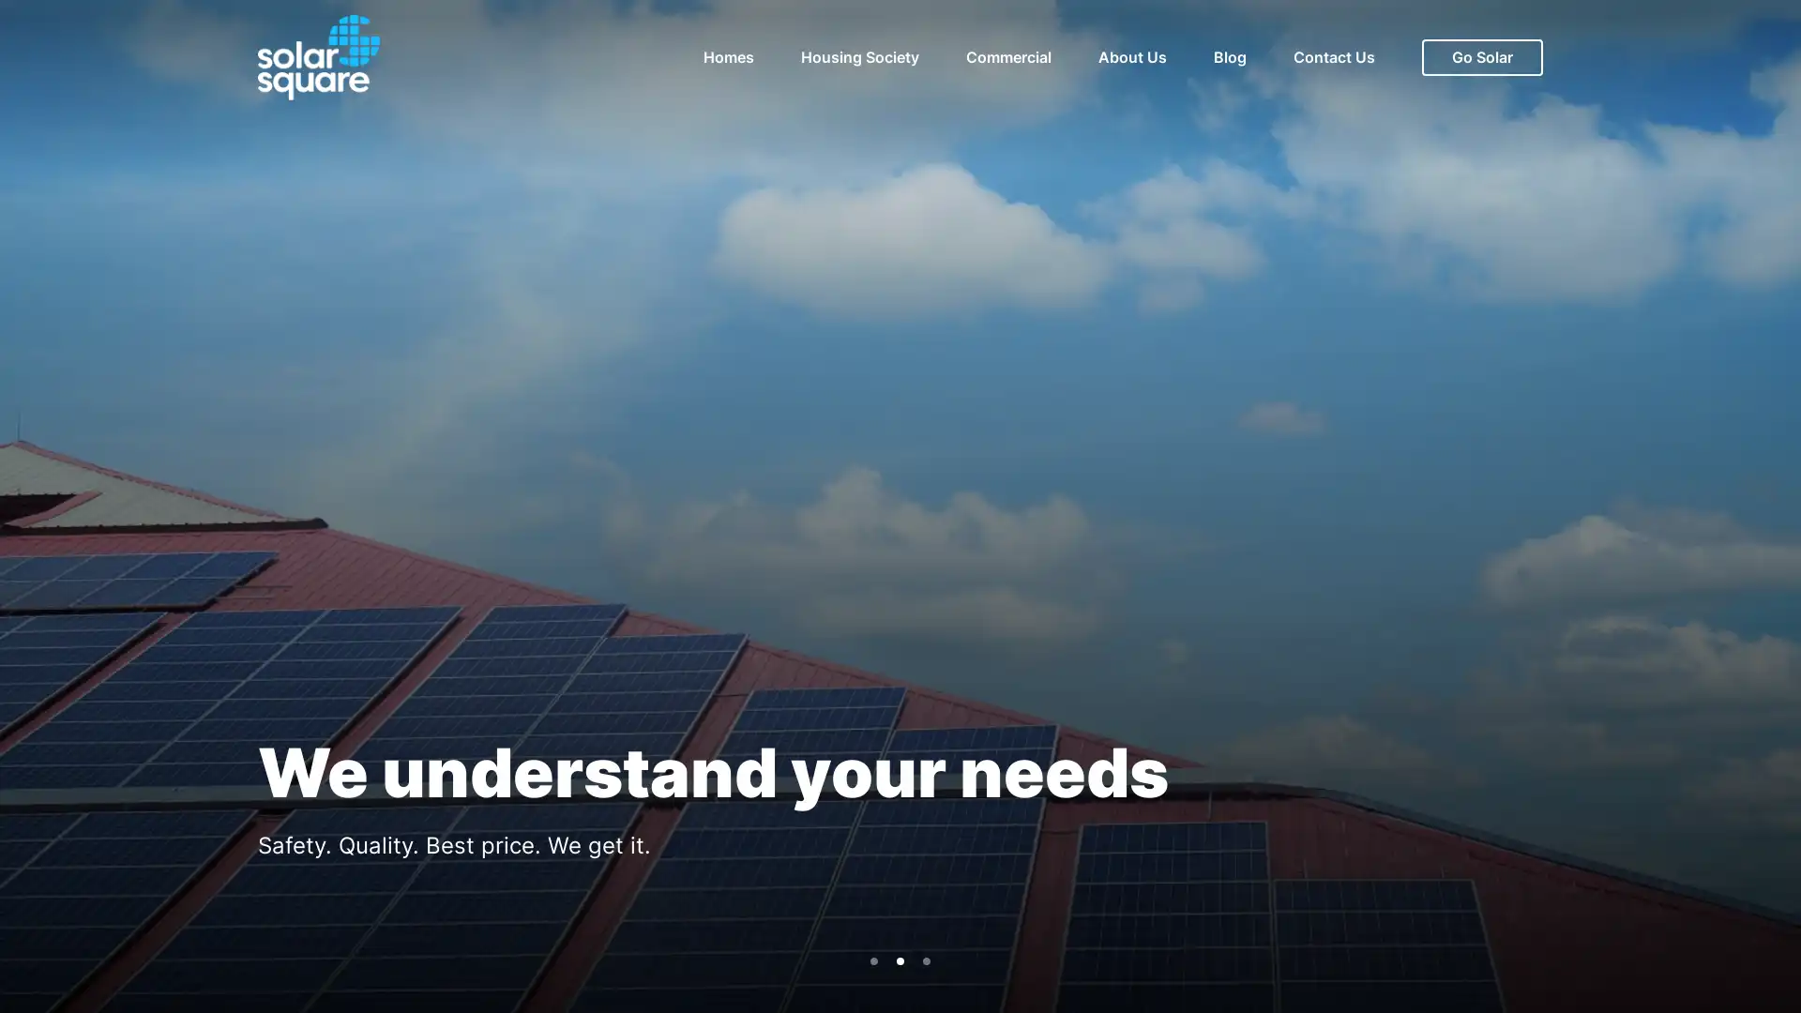 This screenshot has height=1013, width=1801. Describe the element at coordinates (872, 961) in the screenshot. I see `Go to slide 1` at that location.